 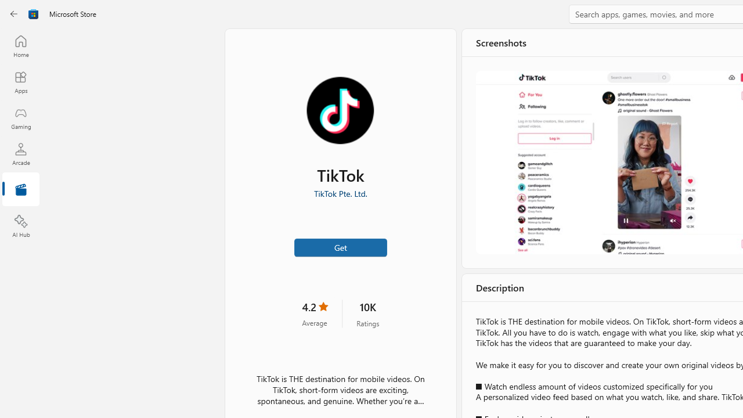 I want to click on 'Apps', so click(x=20, y=81).